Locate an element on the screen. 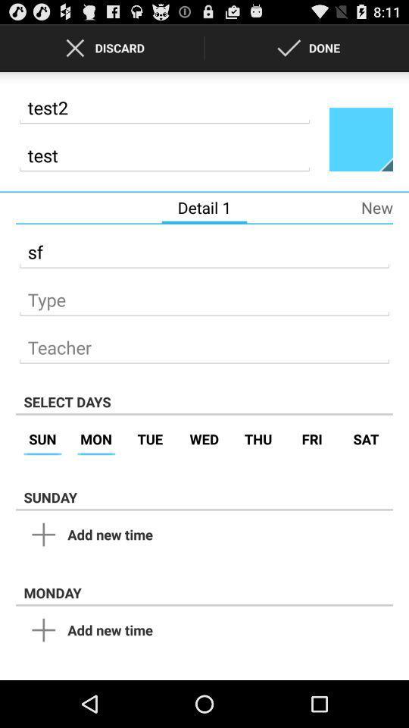 The image size is (409, 728). insert type is located at coordinates (204, 294).